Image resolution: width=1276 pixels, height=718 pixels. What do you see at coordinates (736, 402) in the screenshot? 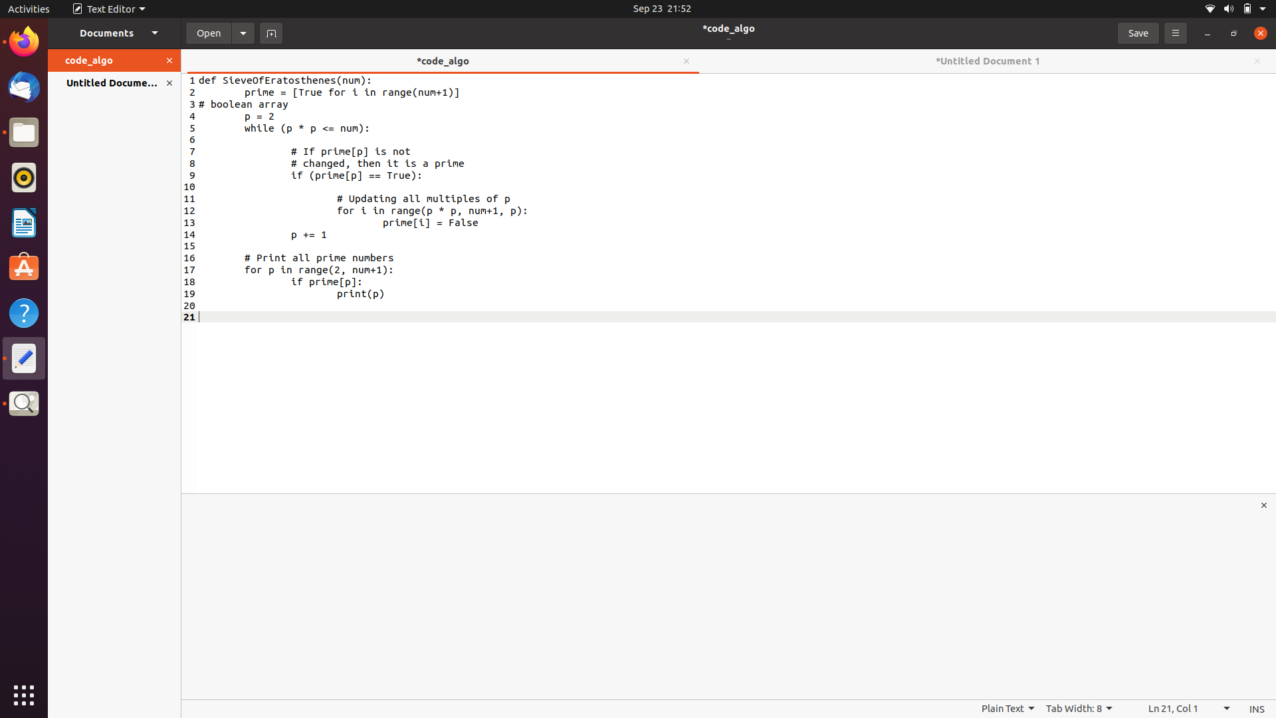
I see `Incorporate a return statement as the final line of text in the code` at bounding box center [736, 402].